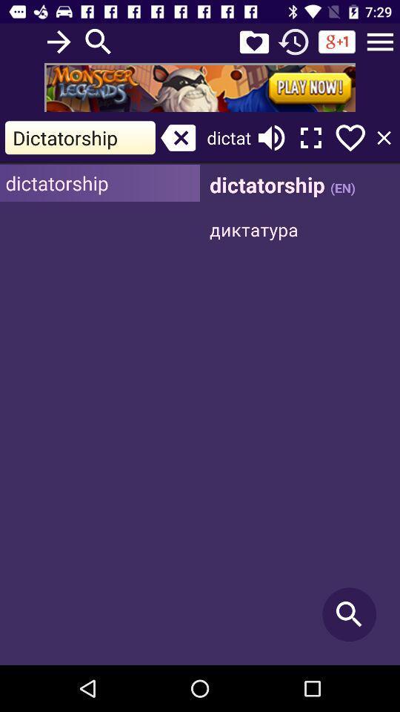 Image resolution: width=400 pixels, height=712 pixels. Describe the element at coordinates (310, 137) in the screenshot. I see `make fullscreen` at that location.